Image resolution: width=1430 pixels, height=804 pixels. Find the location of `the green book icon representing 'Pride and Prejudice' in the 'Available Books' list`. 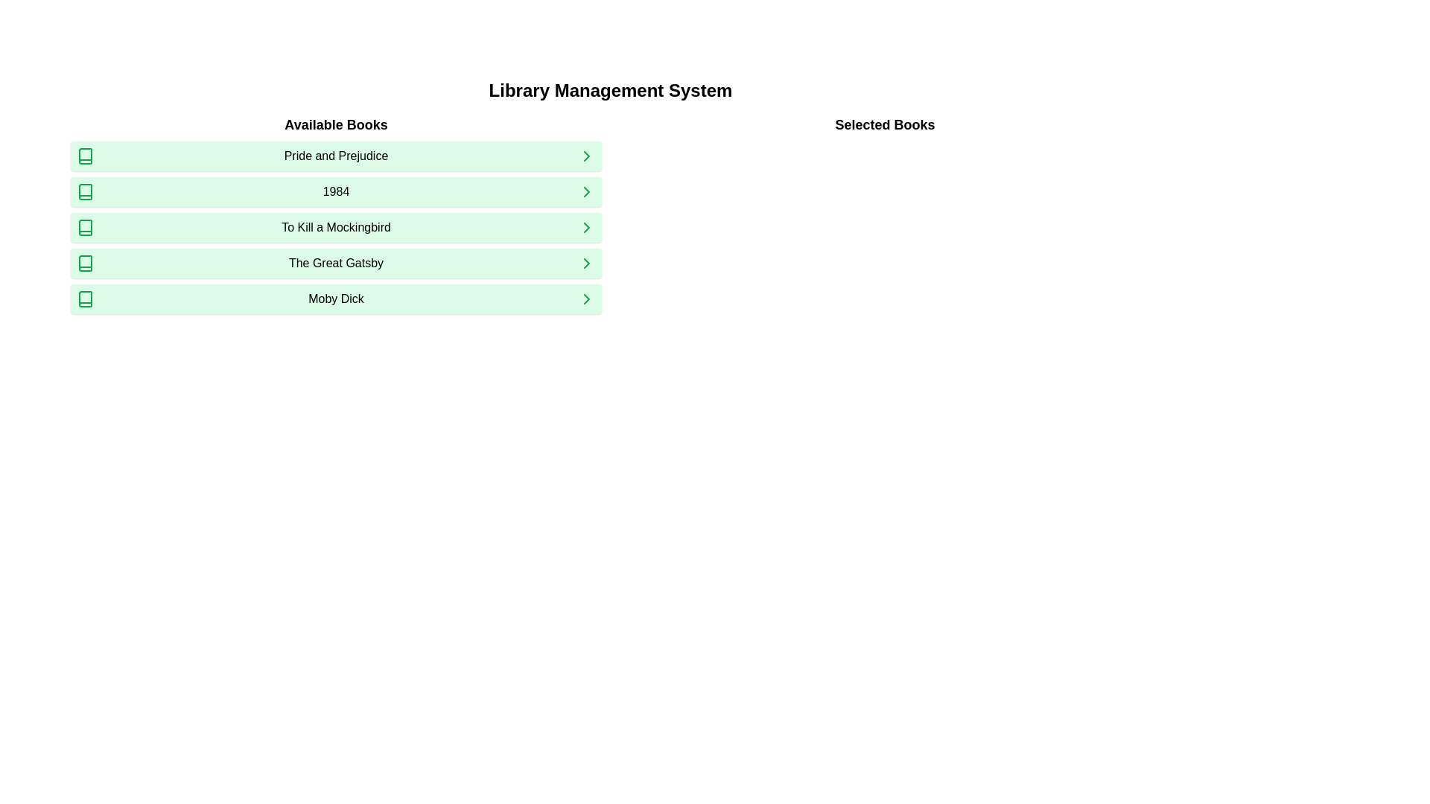

the green book icon representing 'Pride and Prejudice' in the 'Available Books' list is located at coordinates (85, 156).